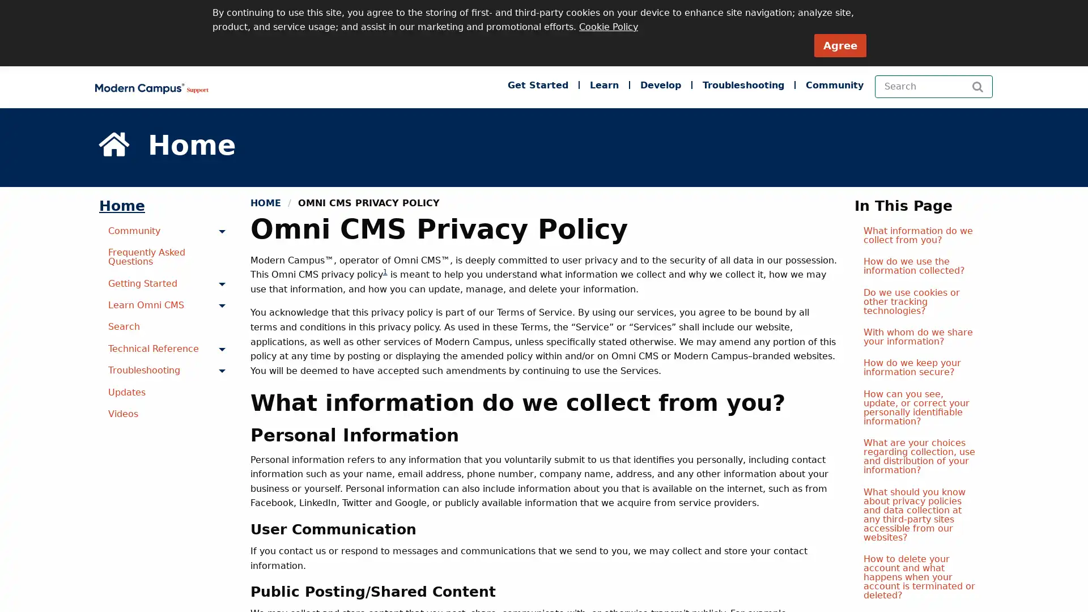  What do you see at coordinates (840, 45) in the screenshot?
I see `Agree` at bounding box center [840, 45].